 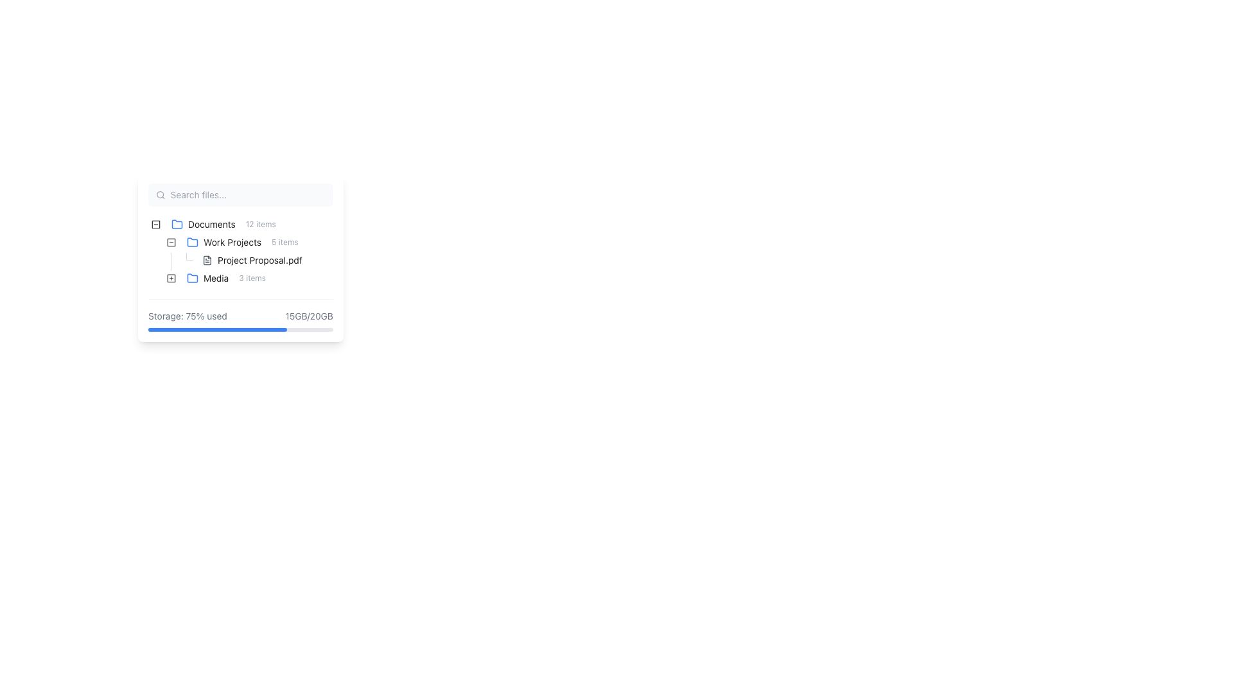 I want to click on the magnifying glass icon representing the search function, which is located at the left side of the input field with the placeholder 'Search files...', so click(x=160, y=195).